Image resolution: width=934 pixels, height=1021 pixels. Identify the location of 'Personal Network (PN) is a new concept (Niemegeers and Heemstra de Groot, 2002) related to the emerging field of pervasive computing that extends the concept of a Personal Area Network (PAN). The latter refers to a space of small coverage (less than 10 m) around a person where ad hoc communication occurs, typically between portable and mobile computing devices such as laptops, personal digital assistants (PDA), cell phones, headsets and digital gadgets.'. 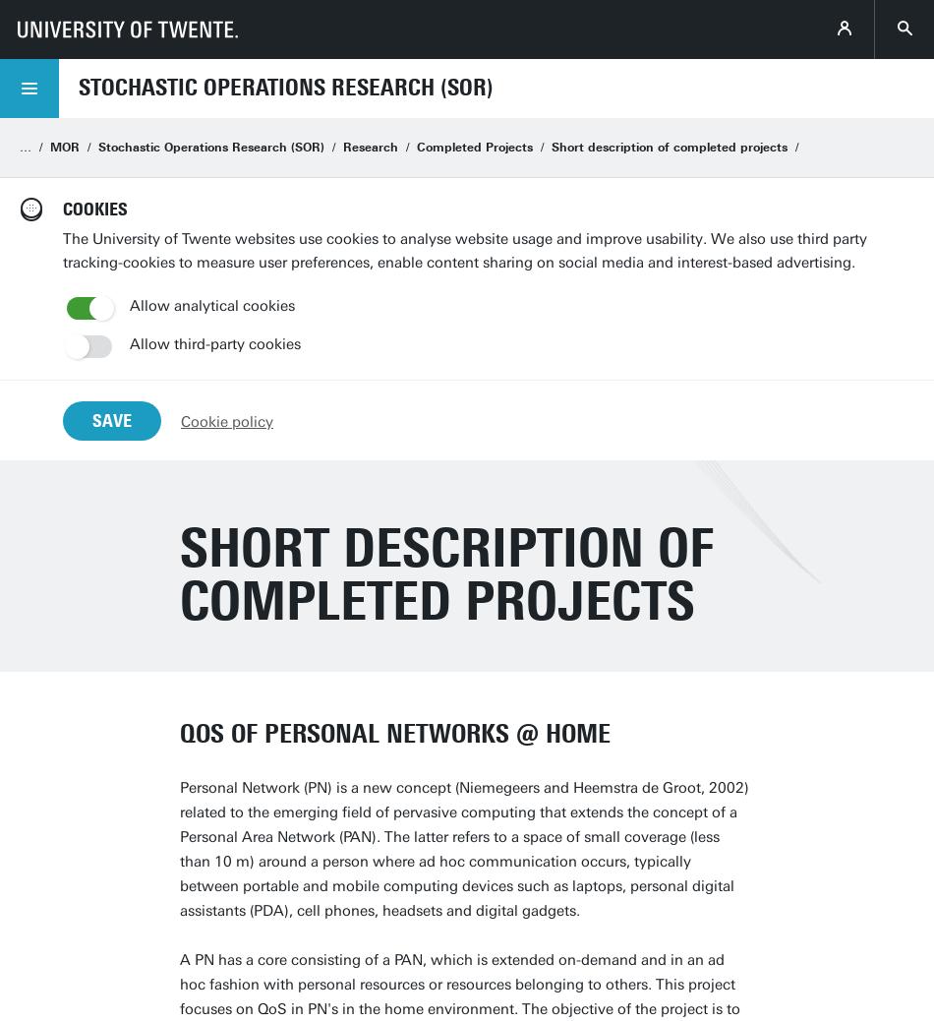
(463, 849).